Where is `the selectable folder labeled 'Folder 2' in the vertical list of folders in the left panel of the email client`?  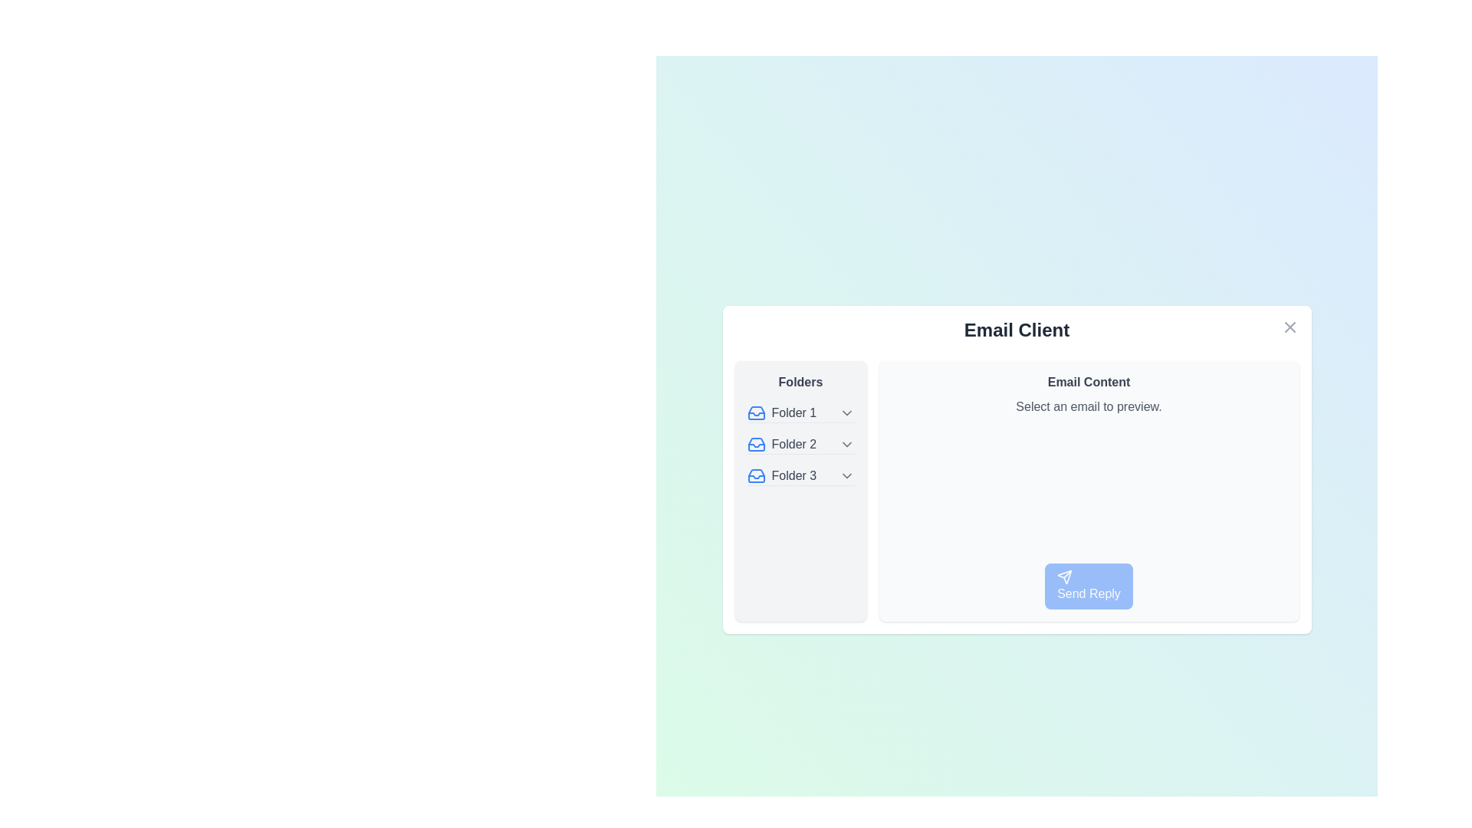 the selectable folder labeled 'Folder 2' in the vertical list of folders in the left panel of the email client is located at coordinates (781, 444).